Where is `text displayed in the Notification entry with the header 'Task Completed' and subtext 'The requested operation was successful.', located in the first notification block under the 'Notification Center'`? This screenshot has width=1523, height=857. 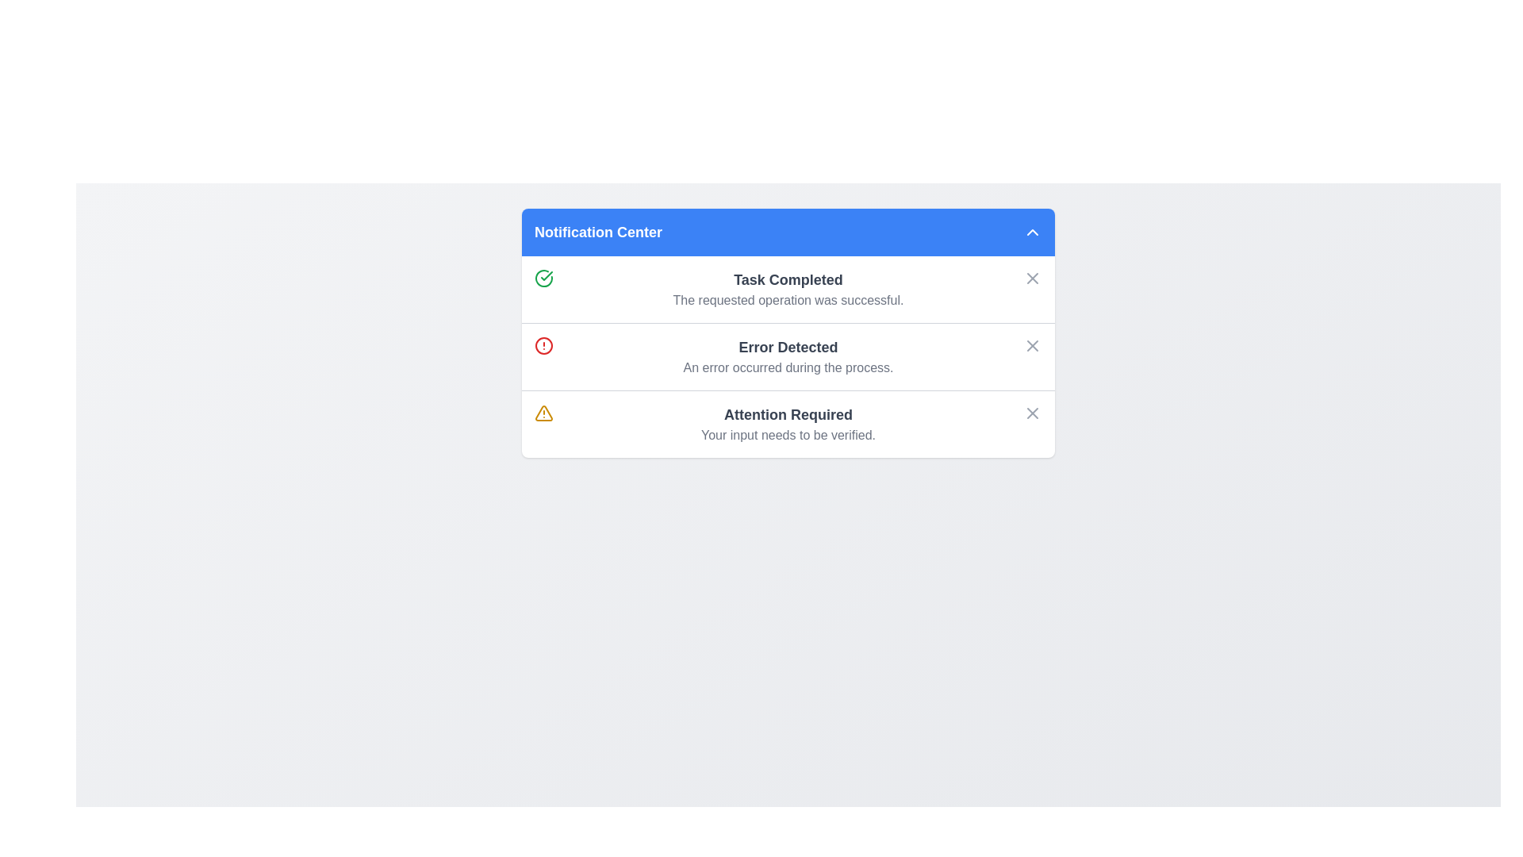 text displayed in the Notification entry with the header 'Task Completed' and subtext 'The requested operation was successful.', located in the first notification block under the 'Notification Center' is located at coordinates (788, 290).